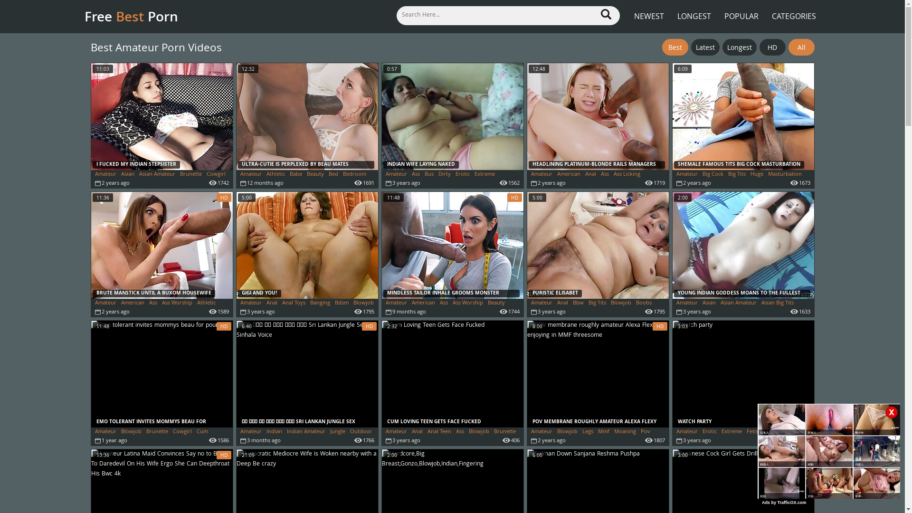  Describe the element at coordinates (415, 174) in the screenshot. I see `'Ass'` at that location.